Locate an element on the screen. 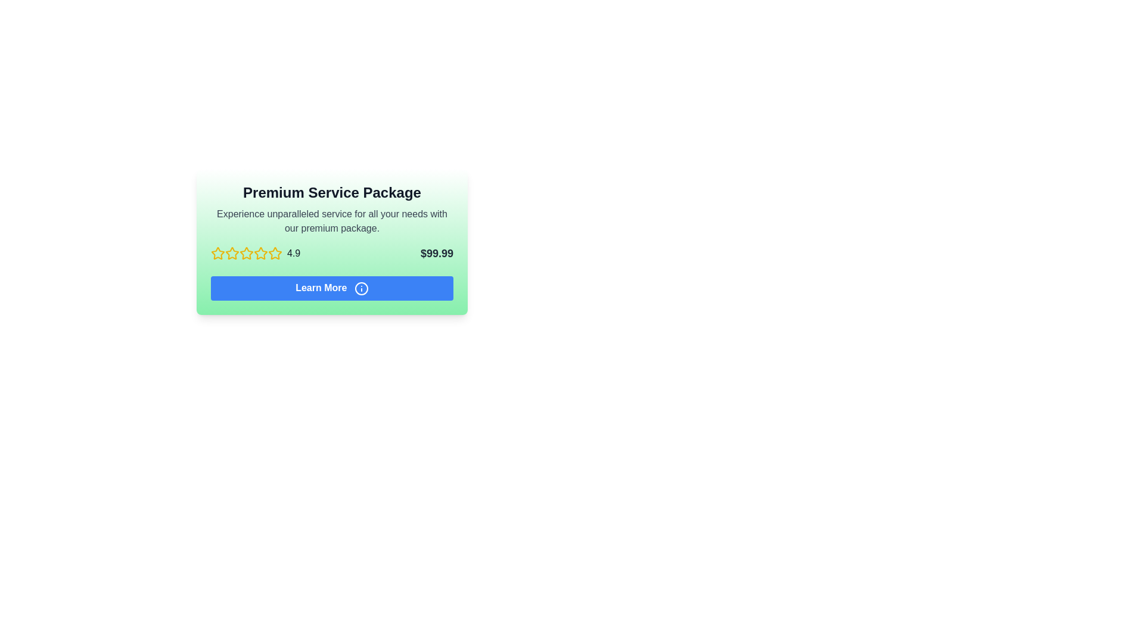 This screenshot has height=643, width=1144. text label displaying the numeric value '4.9', which is located to the right of a row of five yellow stars in the service details card layout is located at coordinates (294, 252).